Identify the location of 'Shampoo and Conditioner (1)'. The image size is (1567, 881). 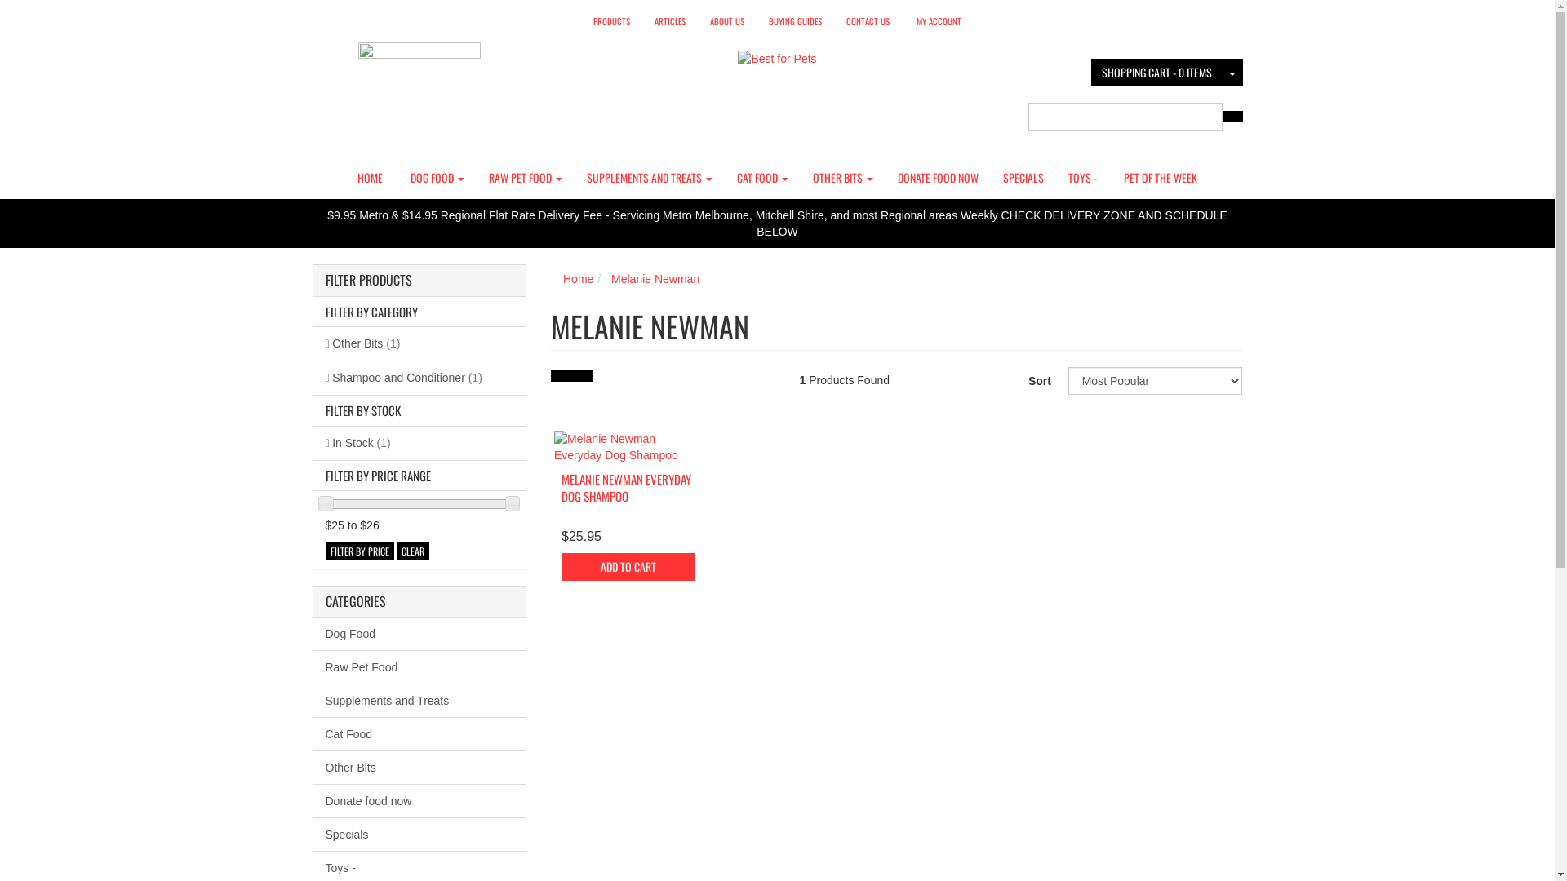
(419, 377).